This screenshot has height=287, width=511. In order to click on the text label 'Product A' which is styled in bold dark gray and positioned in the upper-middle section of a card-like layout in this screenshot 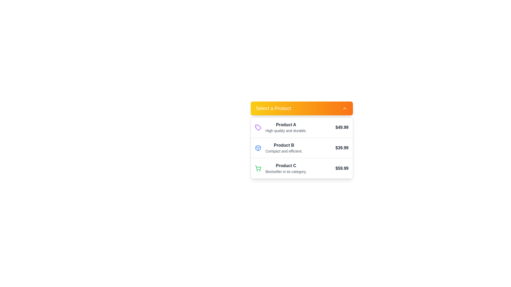, I will do `click(286, 125)`.